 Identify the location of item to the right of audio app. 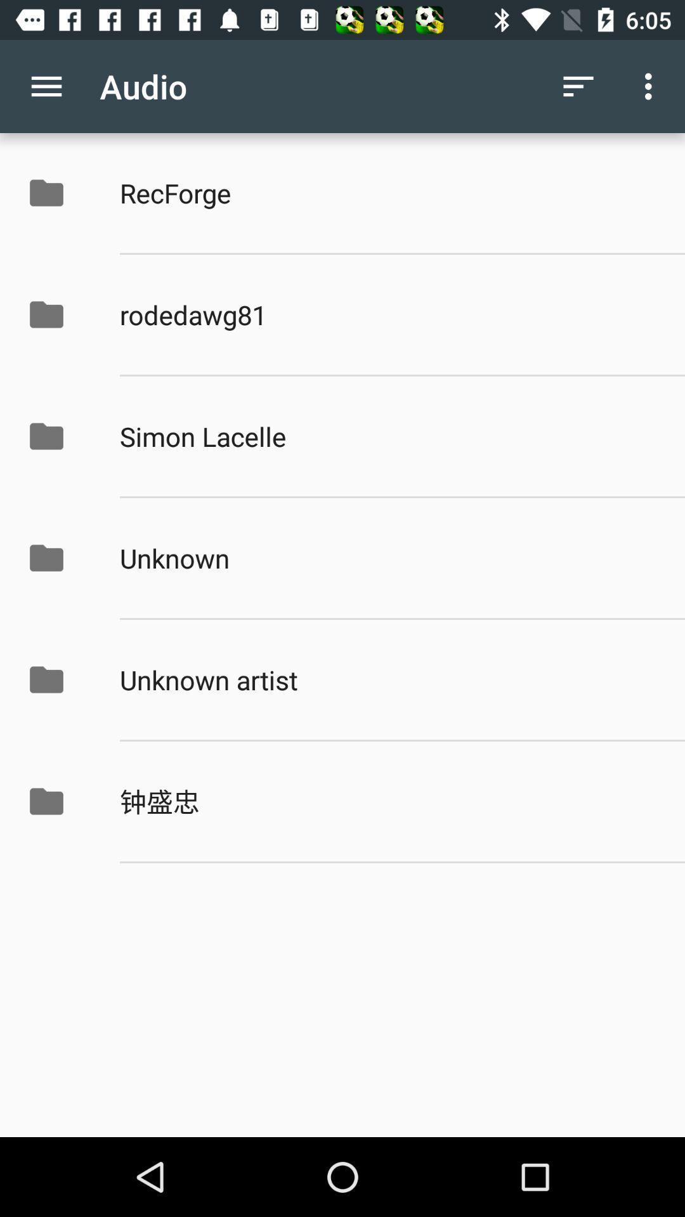
(578, 86).